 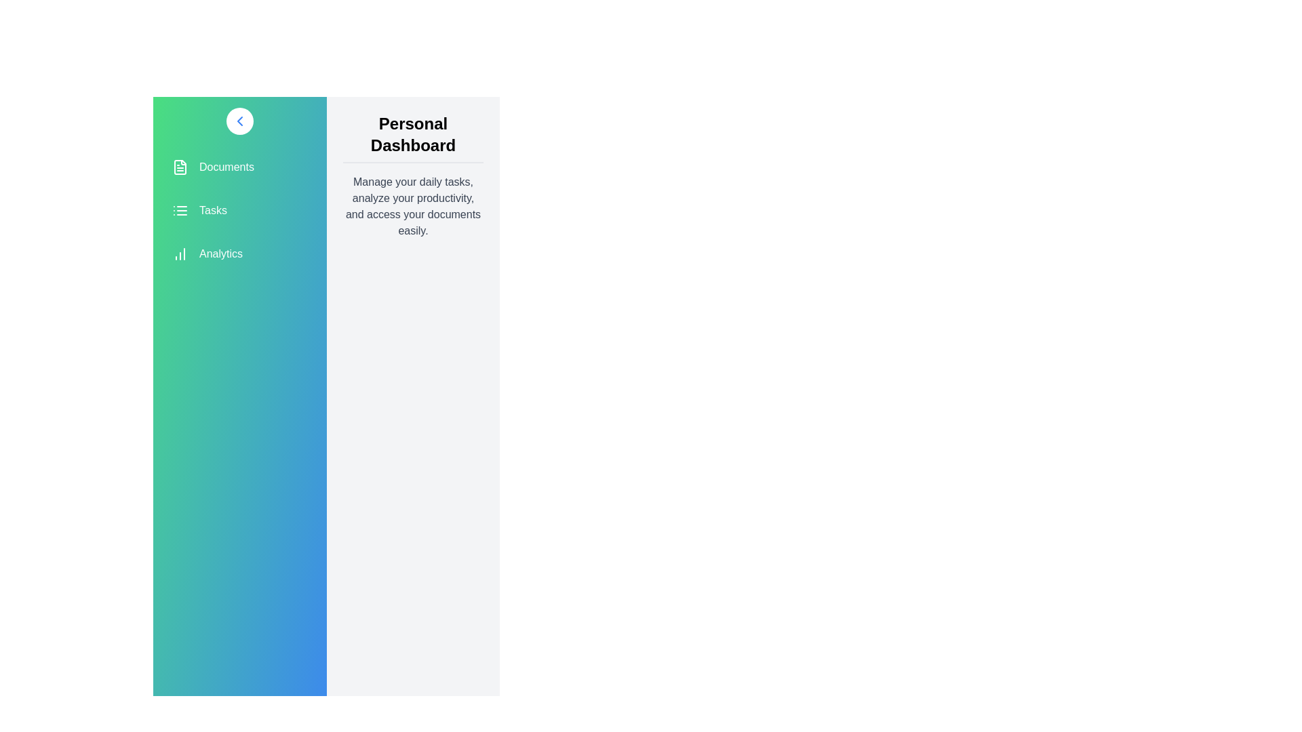 I want to click on the menu item Tasks from the sidebar menu, so click(x=240, y=211).